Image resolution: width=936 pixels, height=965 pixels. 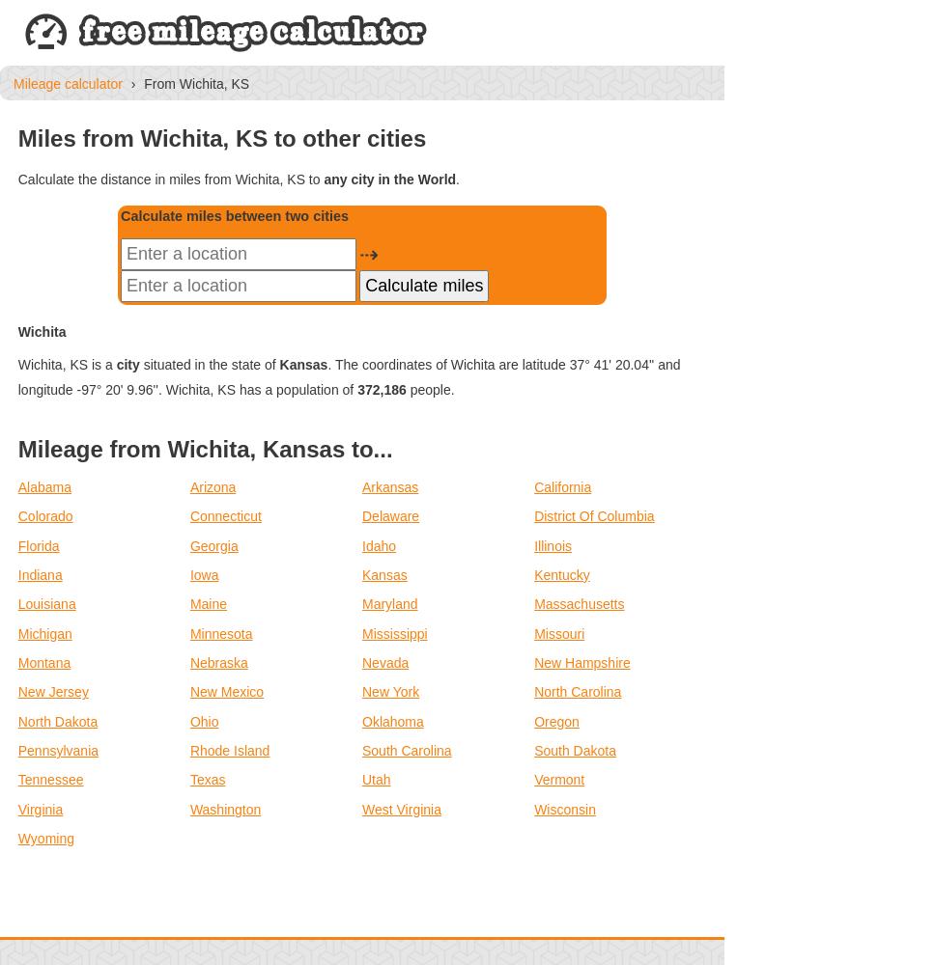 I want to click on 'Tennessee', so click(x=49, y=780).